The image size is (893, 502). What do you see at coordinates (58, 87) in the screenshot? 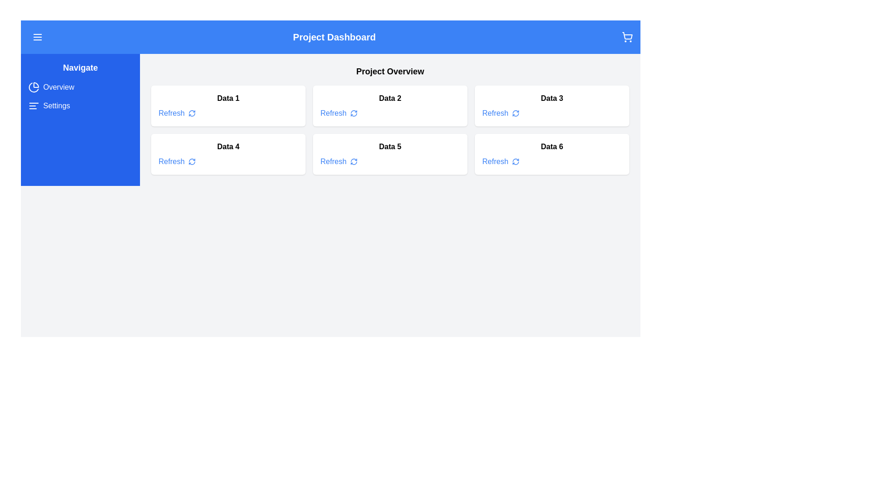
I see `the Text label that serves as a navigational link to the 'Overview' section, located in the left sidebar below the pie chart icon and above the 'Settings' label` at bounding box center [58, 87].